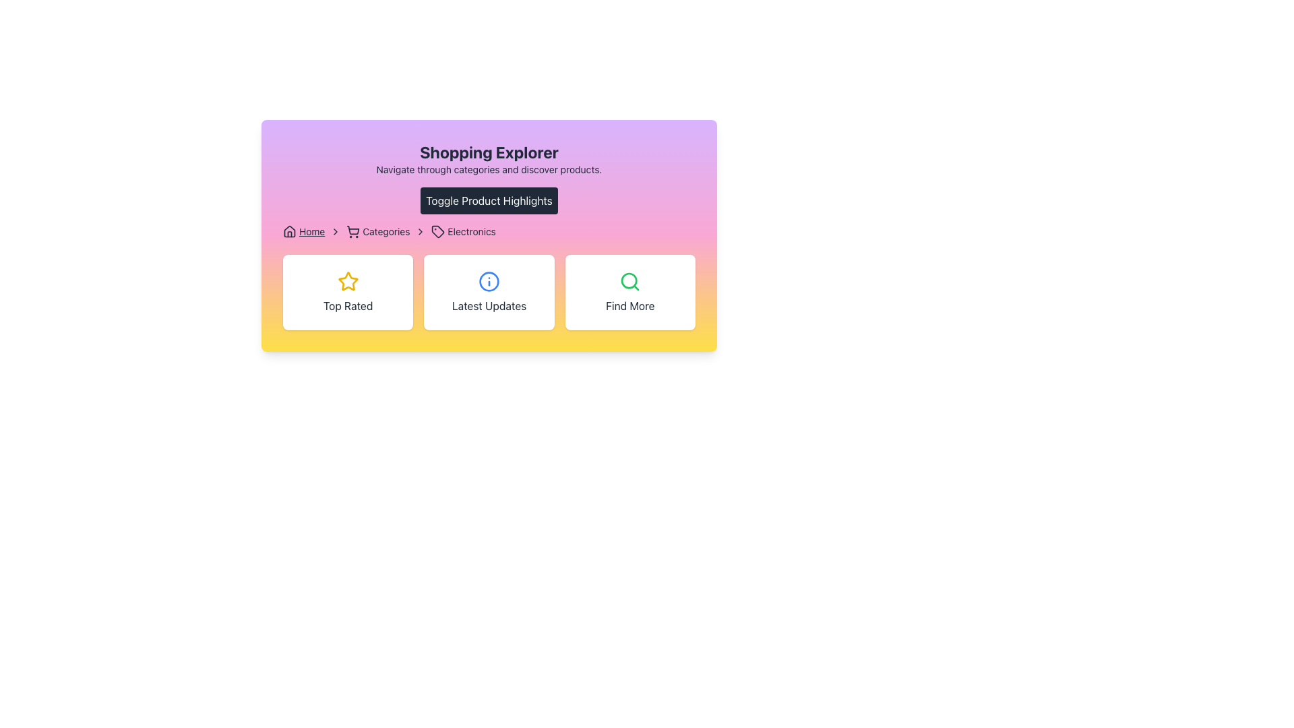  Describe the element at coordinates (464, 231) in the screenshot. I see `the third item in the breadcrumb navigation, which serves as a visual indicator with an icon, located near the top-center of the interface` at that location.